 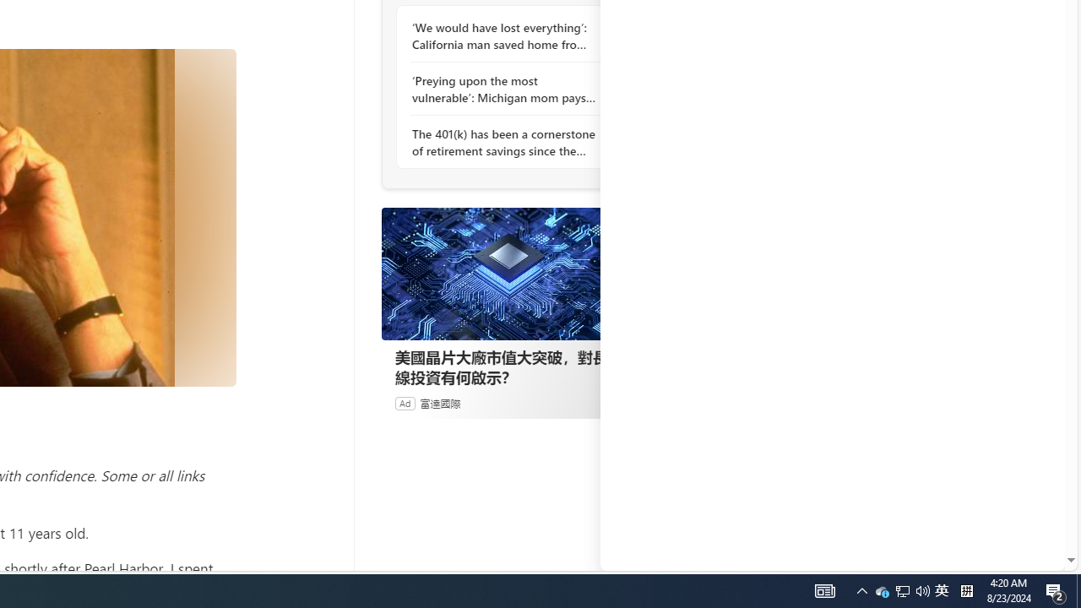 What do you see at coordinates (404, 403) in the screenshot?
I see `'Ad'` at bounding box center [404, 403].